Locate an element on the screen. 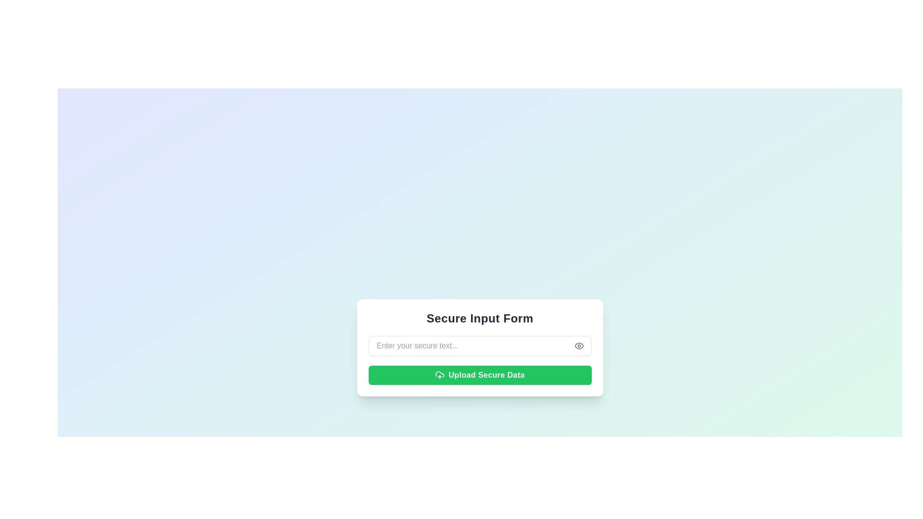 This screenshot has width=923, height=519. the icon used to toggle the visibility of the entered text in the Secure Input Form, located on the right side of the input text field is located at coordinates (578, 346).